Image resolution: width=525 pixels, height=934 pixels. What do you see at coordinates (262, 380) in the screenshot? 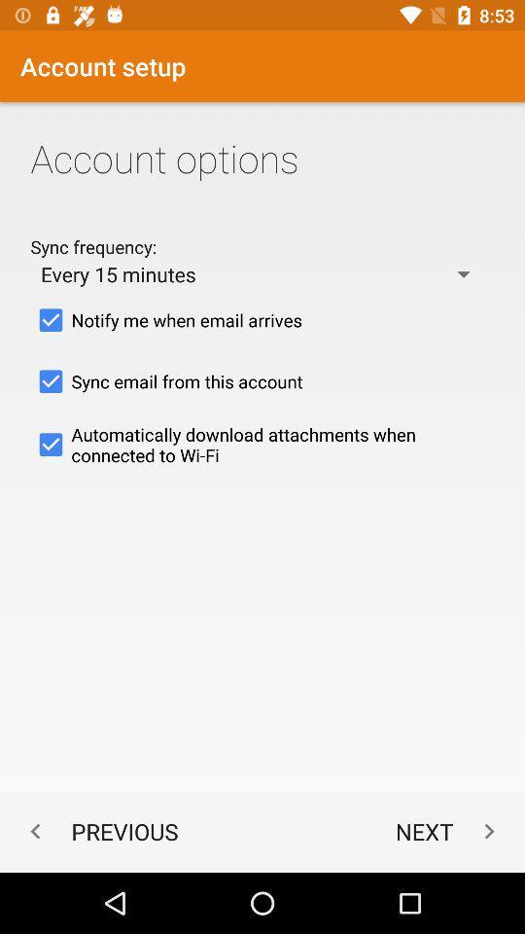
I see `the checkbox below the notify me when` at bounding box center [262, 380].